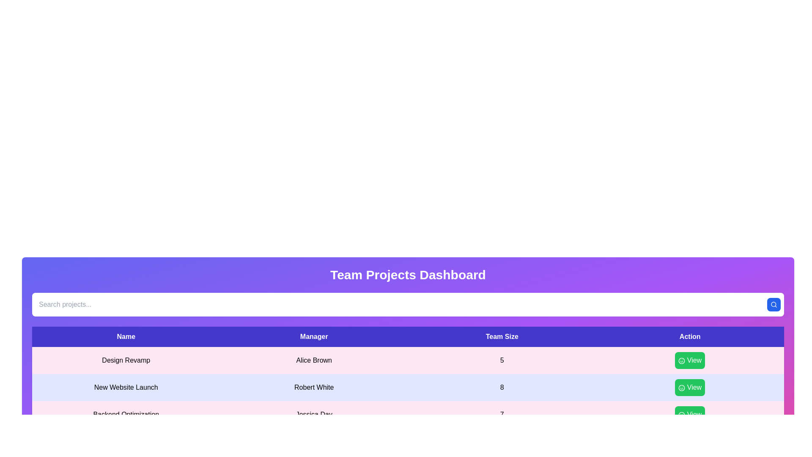 The width and height of the screenshot is (812, 457). What do you see at coordinates (682, 361) in the screenshot?
I see `the smiling face icon located on the left side of the green 'View' button in the first row of the 'Action' column in the UI table` at bounding box center [682, 361].